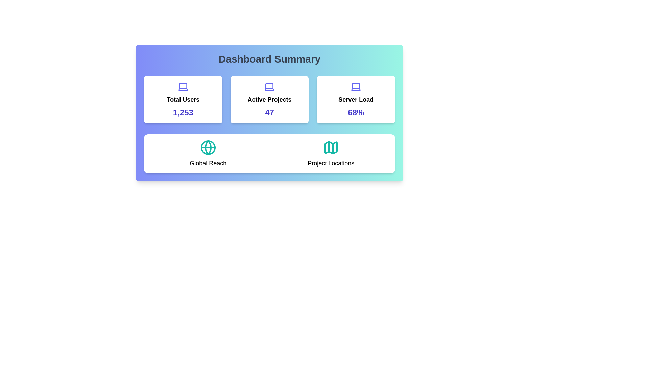 The width and height of the screenshot is (649, 365). I want to click on the 'Project Locations' icon located at the bottom-right corner of the dashboard, positioned above the text label 'Project Locations', so click(331, 147).